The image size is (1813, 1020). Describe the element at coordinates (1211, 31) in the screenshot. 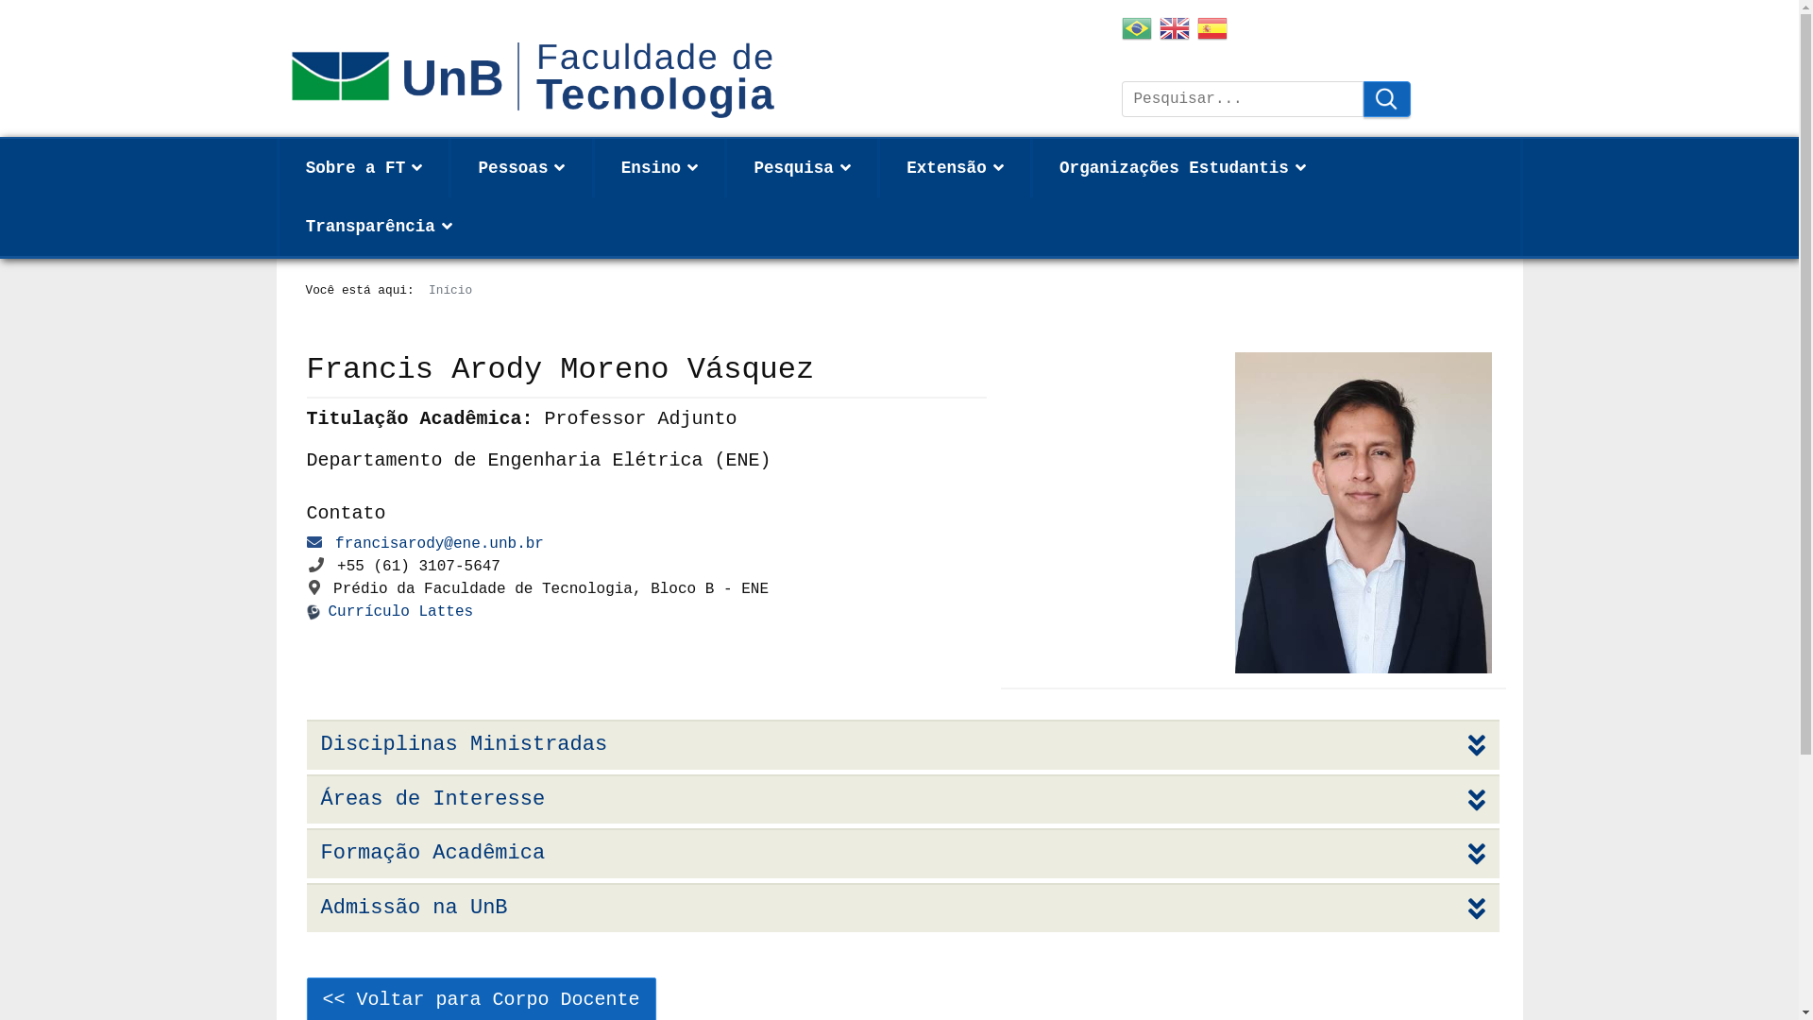

I see `'Spanish'` at that location.